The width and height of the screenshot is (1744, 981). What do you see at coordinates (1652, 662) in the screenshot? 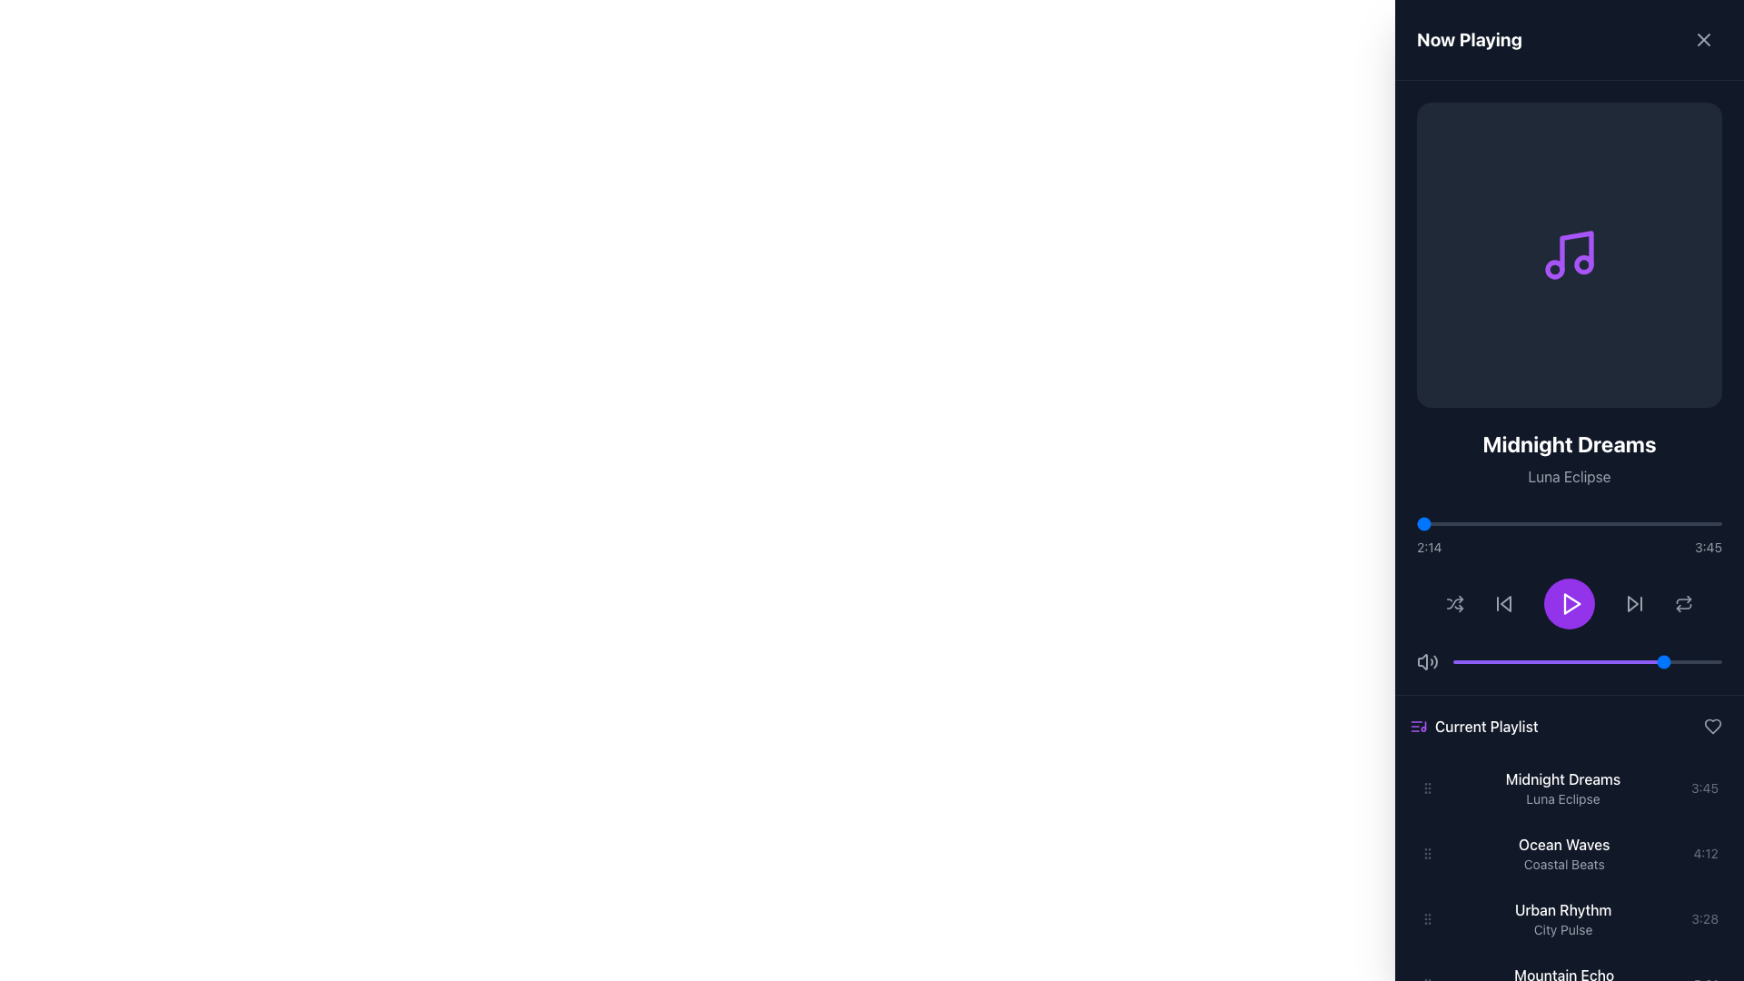
I see `the slider` at bounding box center [1652, 662].